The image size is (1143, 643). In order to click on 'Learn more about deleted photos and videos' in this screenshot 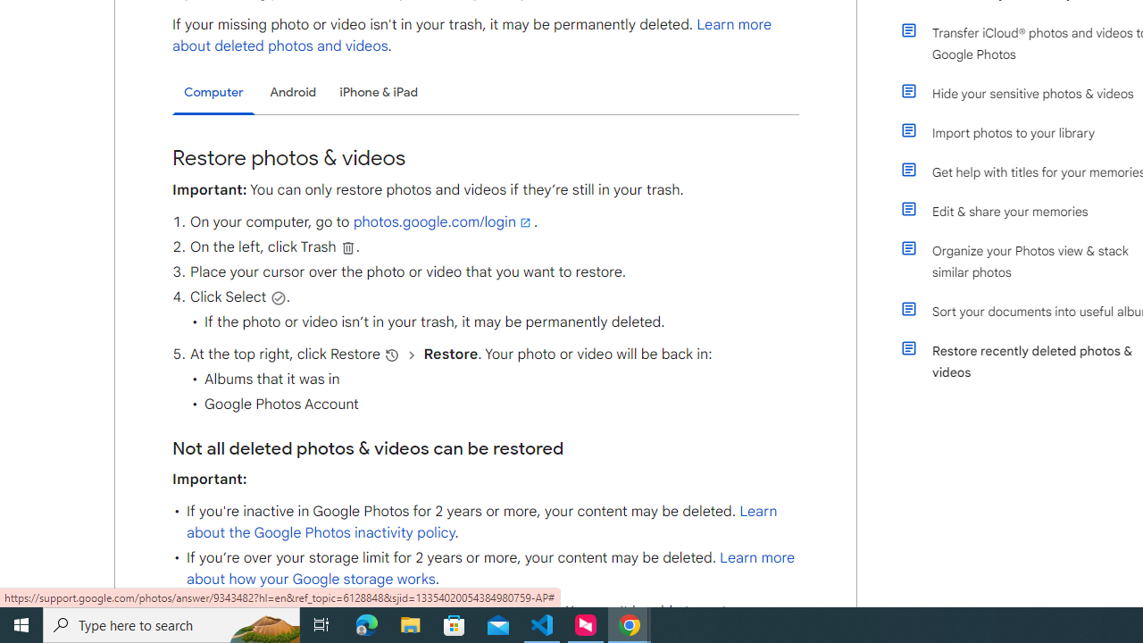, I will do `click(472, 35)`.